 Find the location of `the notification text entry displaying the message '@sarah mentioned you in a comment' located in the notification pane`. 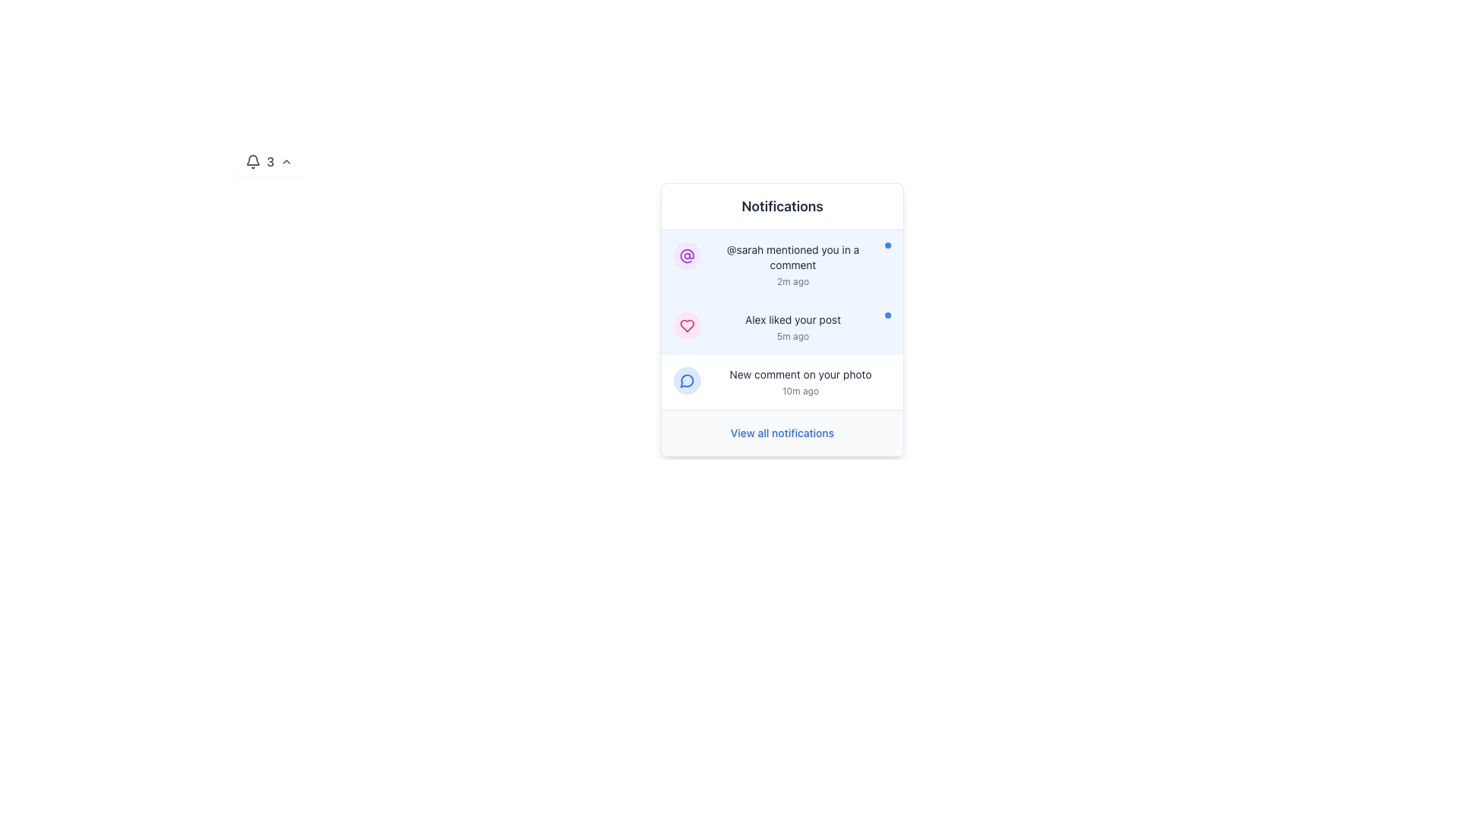

the notification text entry displaying the message '@sarah mentioned you in a comment' located in the notification pane is located at coordinates (792, 264).